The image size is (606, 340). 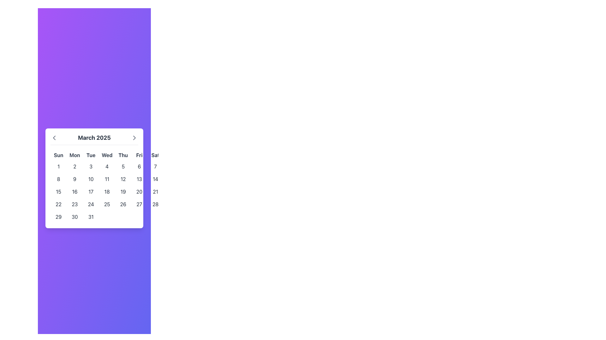 What do you see at coordinates (155, 204) in the screenshot?
I see `the text display element showing the number '28' in a bold and clear typography, styled with light gray color on a white background, located at the far right of the calendar interface` at bounding box center [155, 204].